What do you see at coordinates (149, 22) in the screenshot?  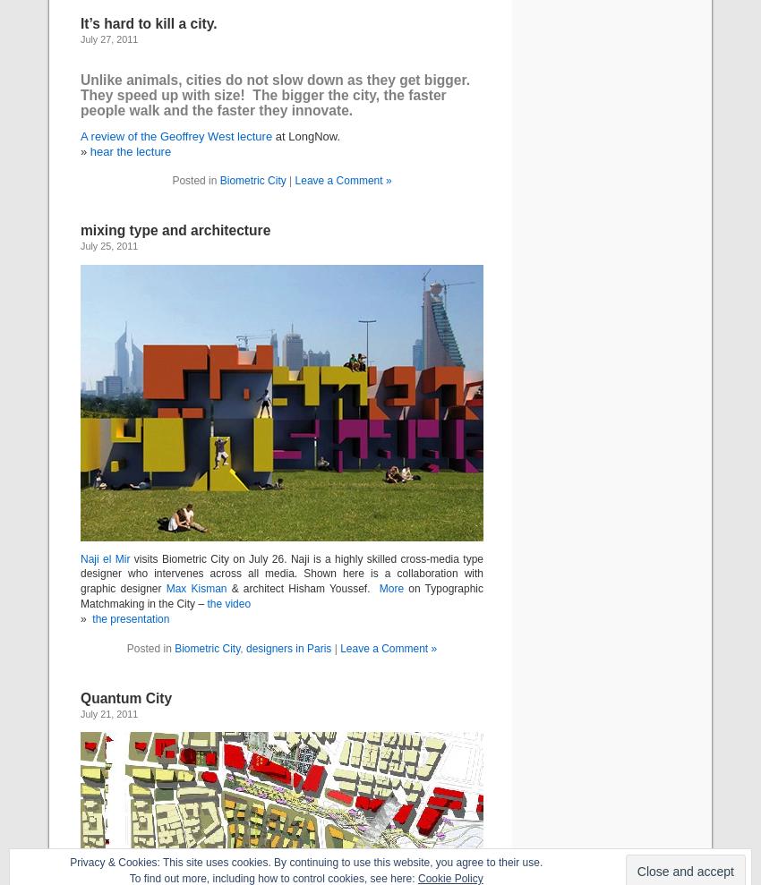 I see `'It’s hard to kill a city.'` at bounding box center [149, 22].